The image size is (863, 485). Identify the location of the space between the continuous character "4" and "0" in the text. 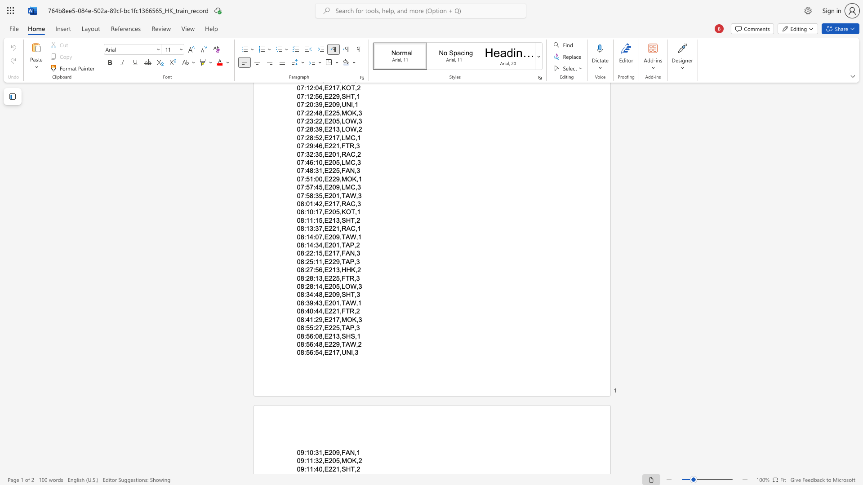
(319, 468).